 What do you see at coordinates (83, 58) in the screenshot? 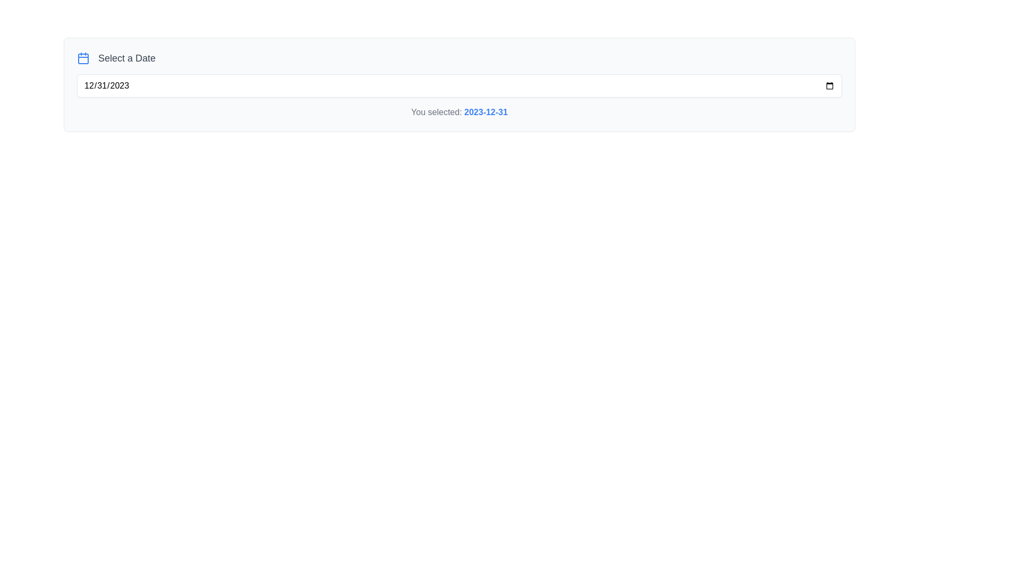
I see `the date selection icon located to the left of the 'Select a Date' text` at bounding box center [83, 58].